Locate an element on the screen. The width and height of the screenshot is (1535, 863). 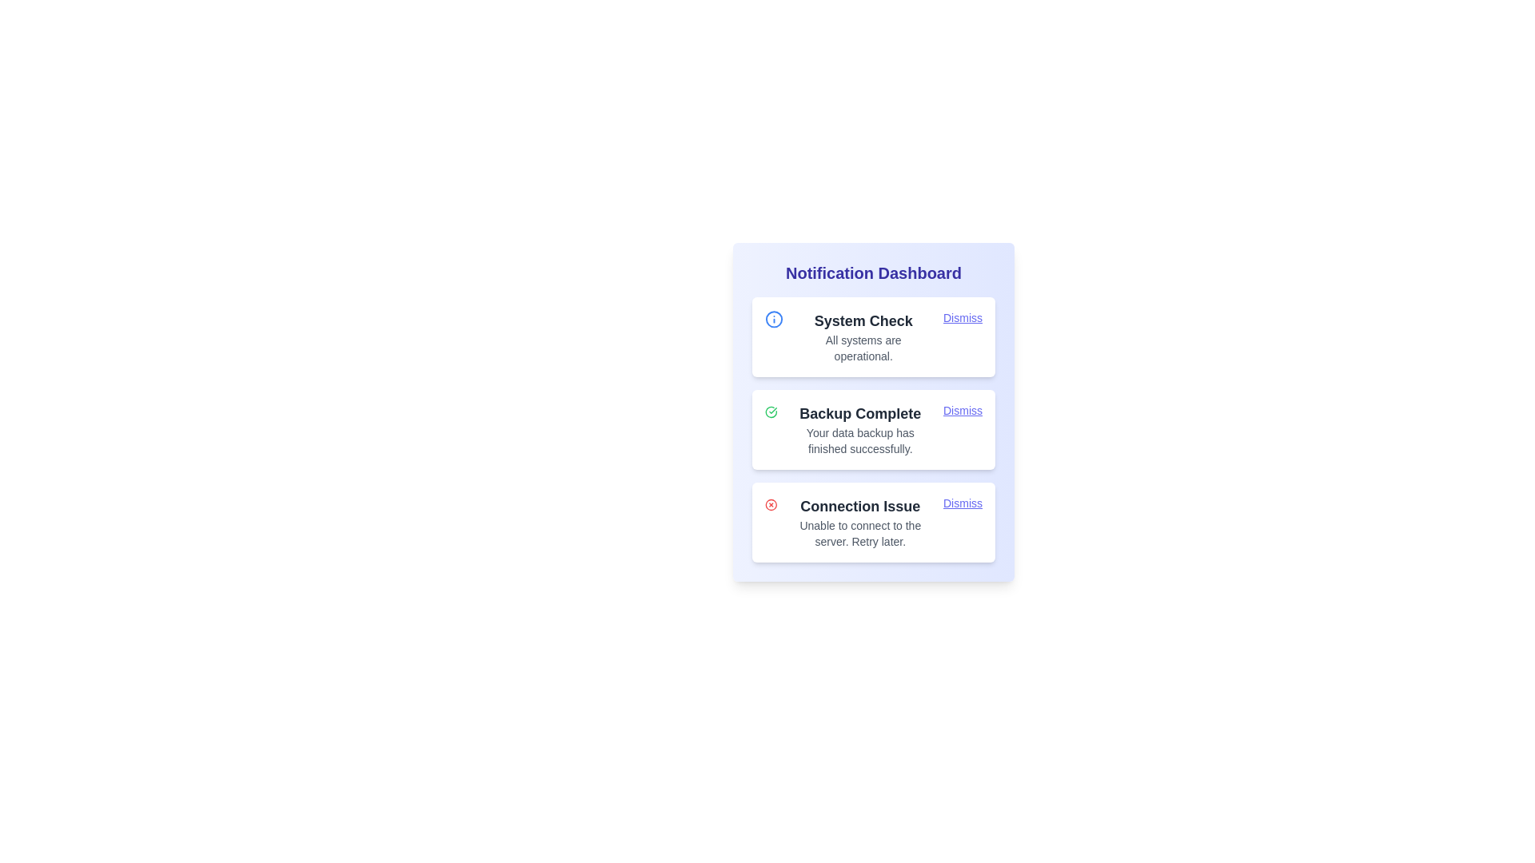
the circular blue icon with a white interior that is located in the top-left corner of the 'System Check' notification box, to the left of the text labeled 'System Check' and 'All systems are operational.' is located at coordinates (774, 320).